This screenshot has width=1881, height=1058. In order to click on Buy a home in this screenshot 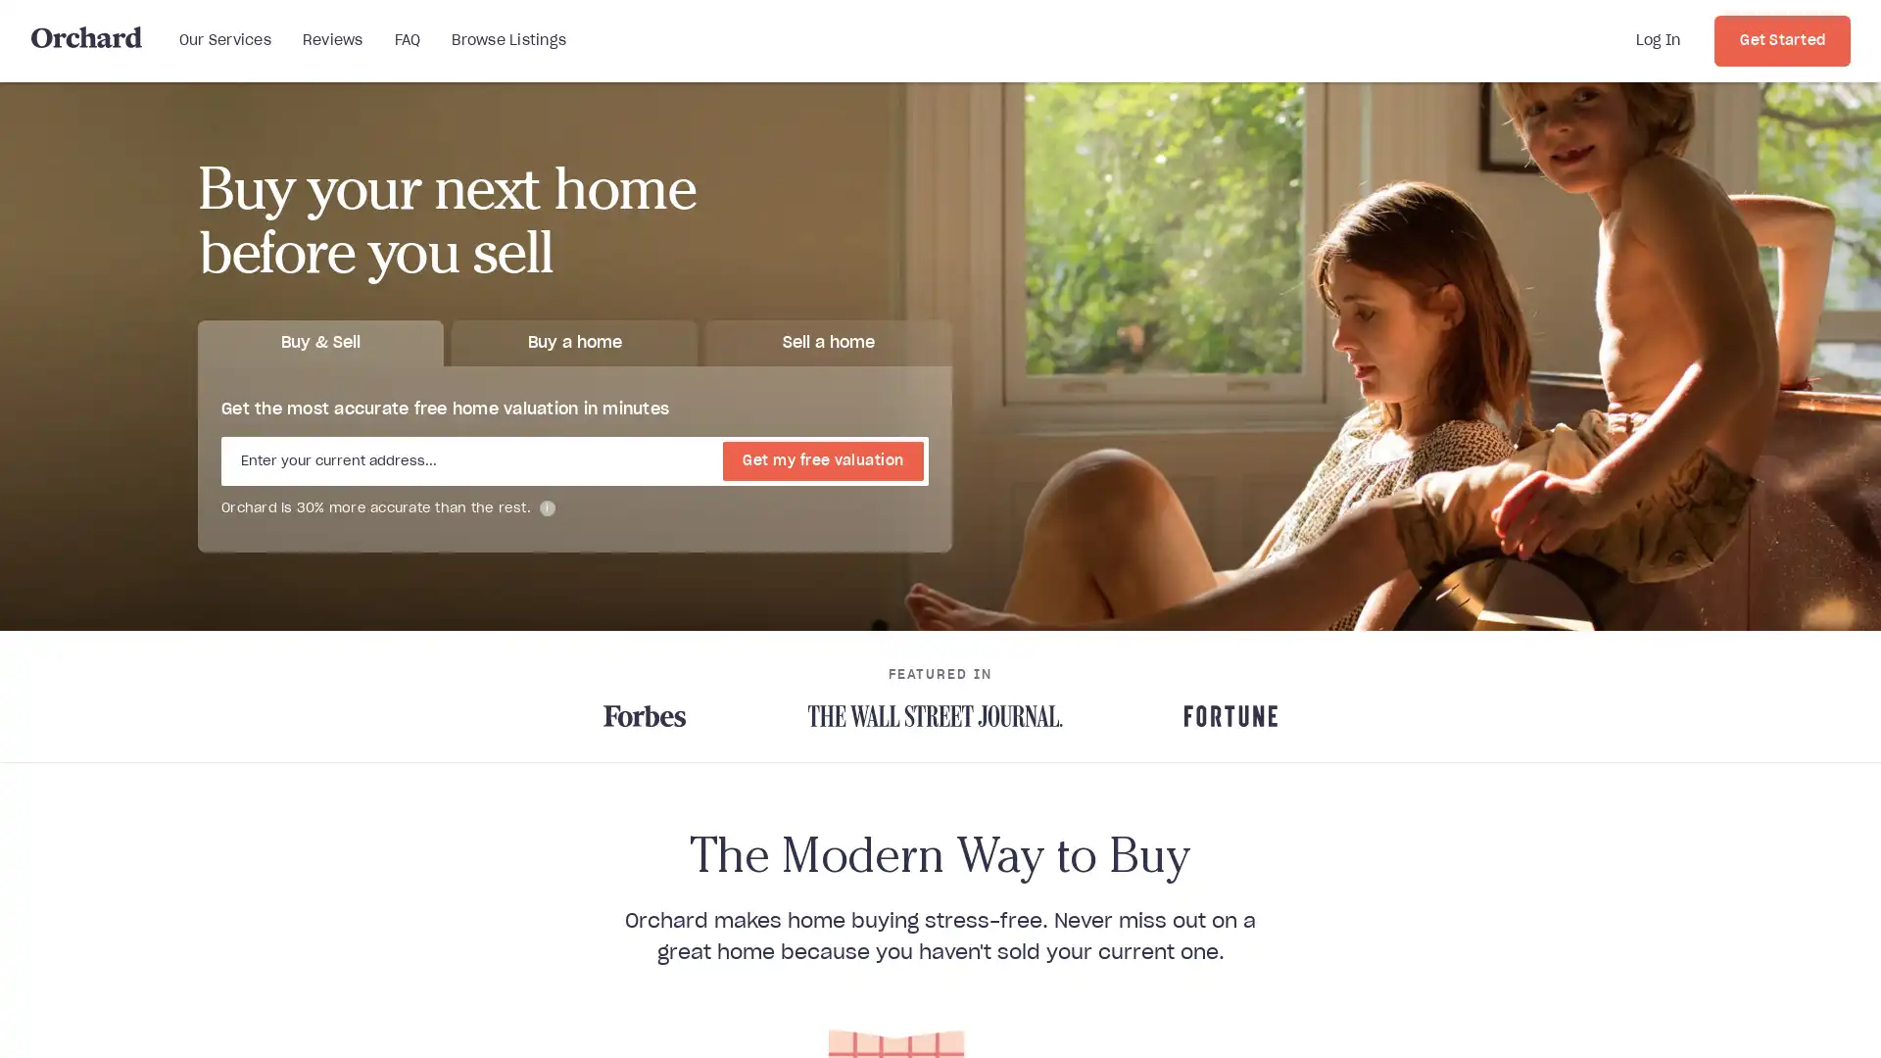, I will do `click(573, 341)`.